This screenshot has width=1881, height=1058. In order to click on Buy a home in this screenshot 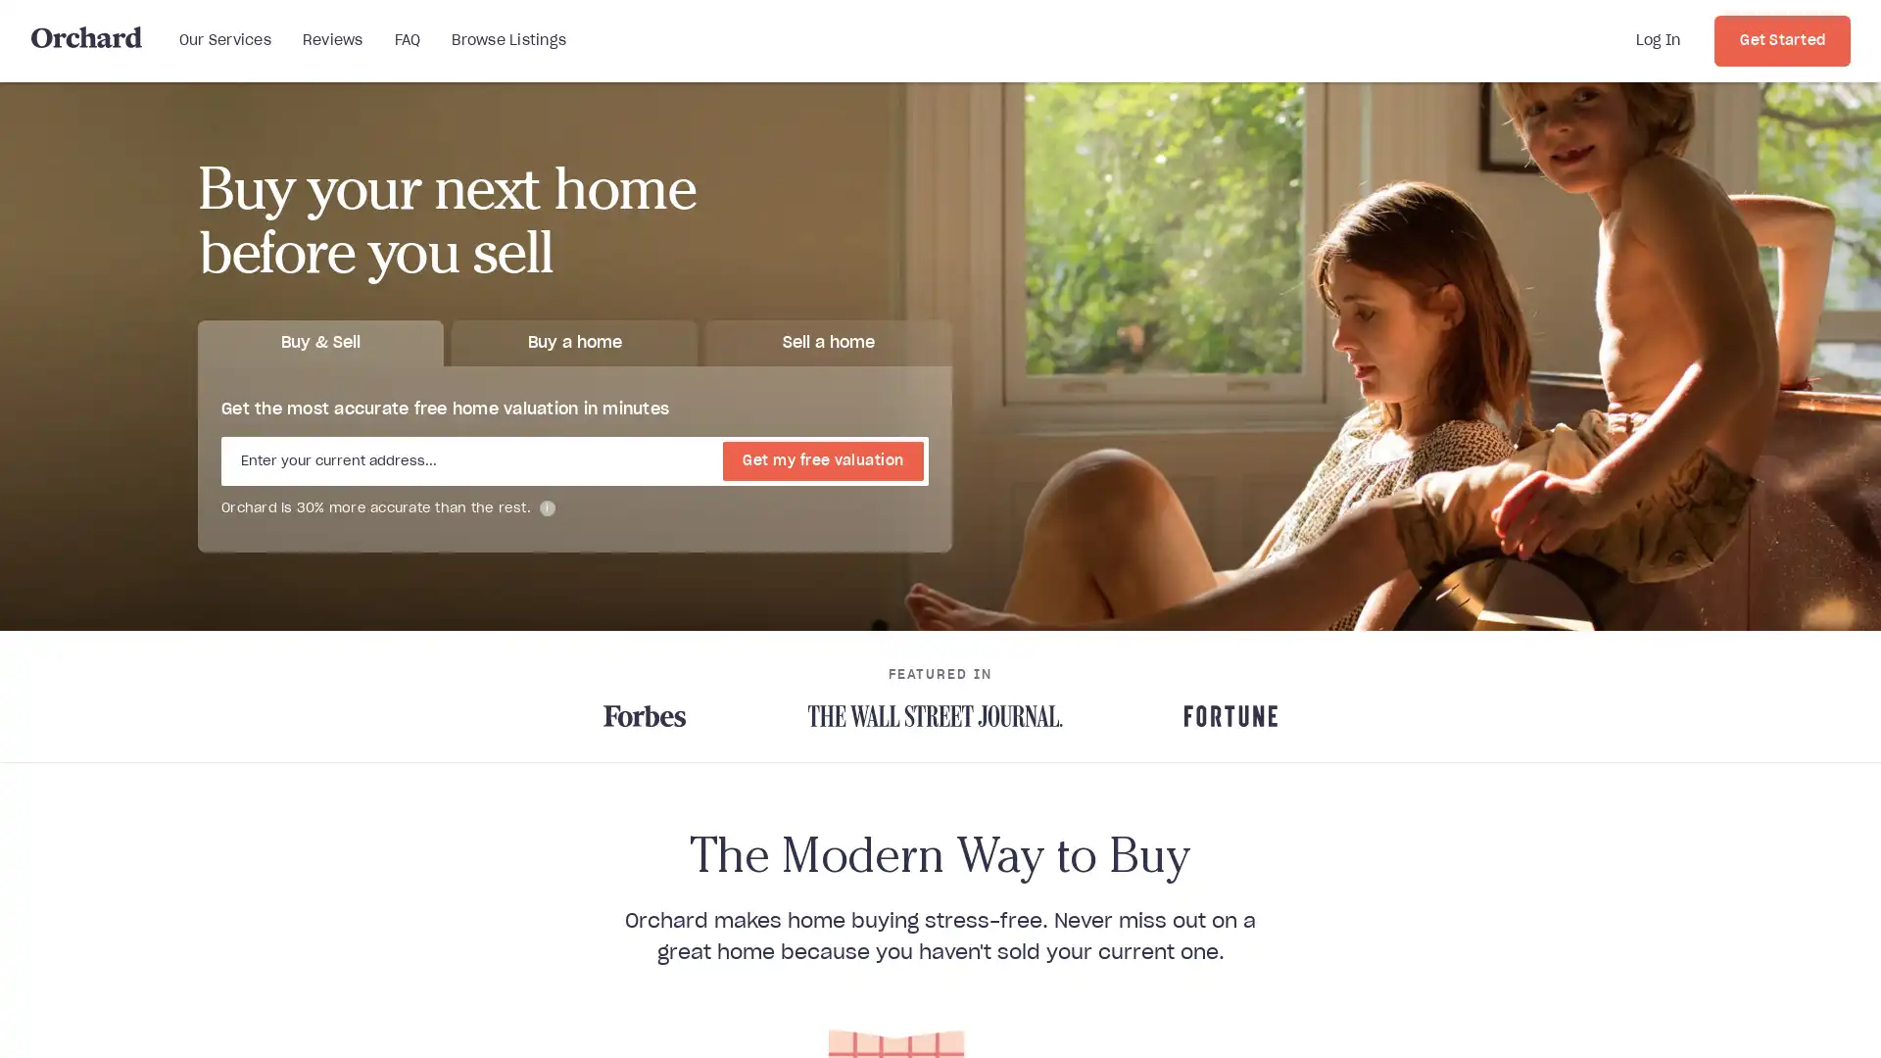, I will do `click(573, 341)`.